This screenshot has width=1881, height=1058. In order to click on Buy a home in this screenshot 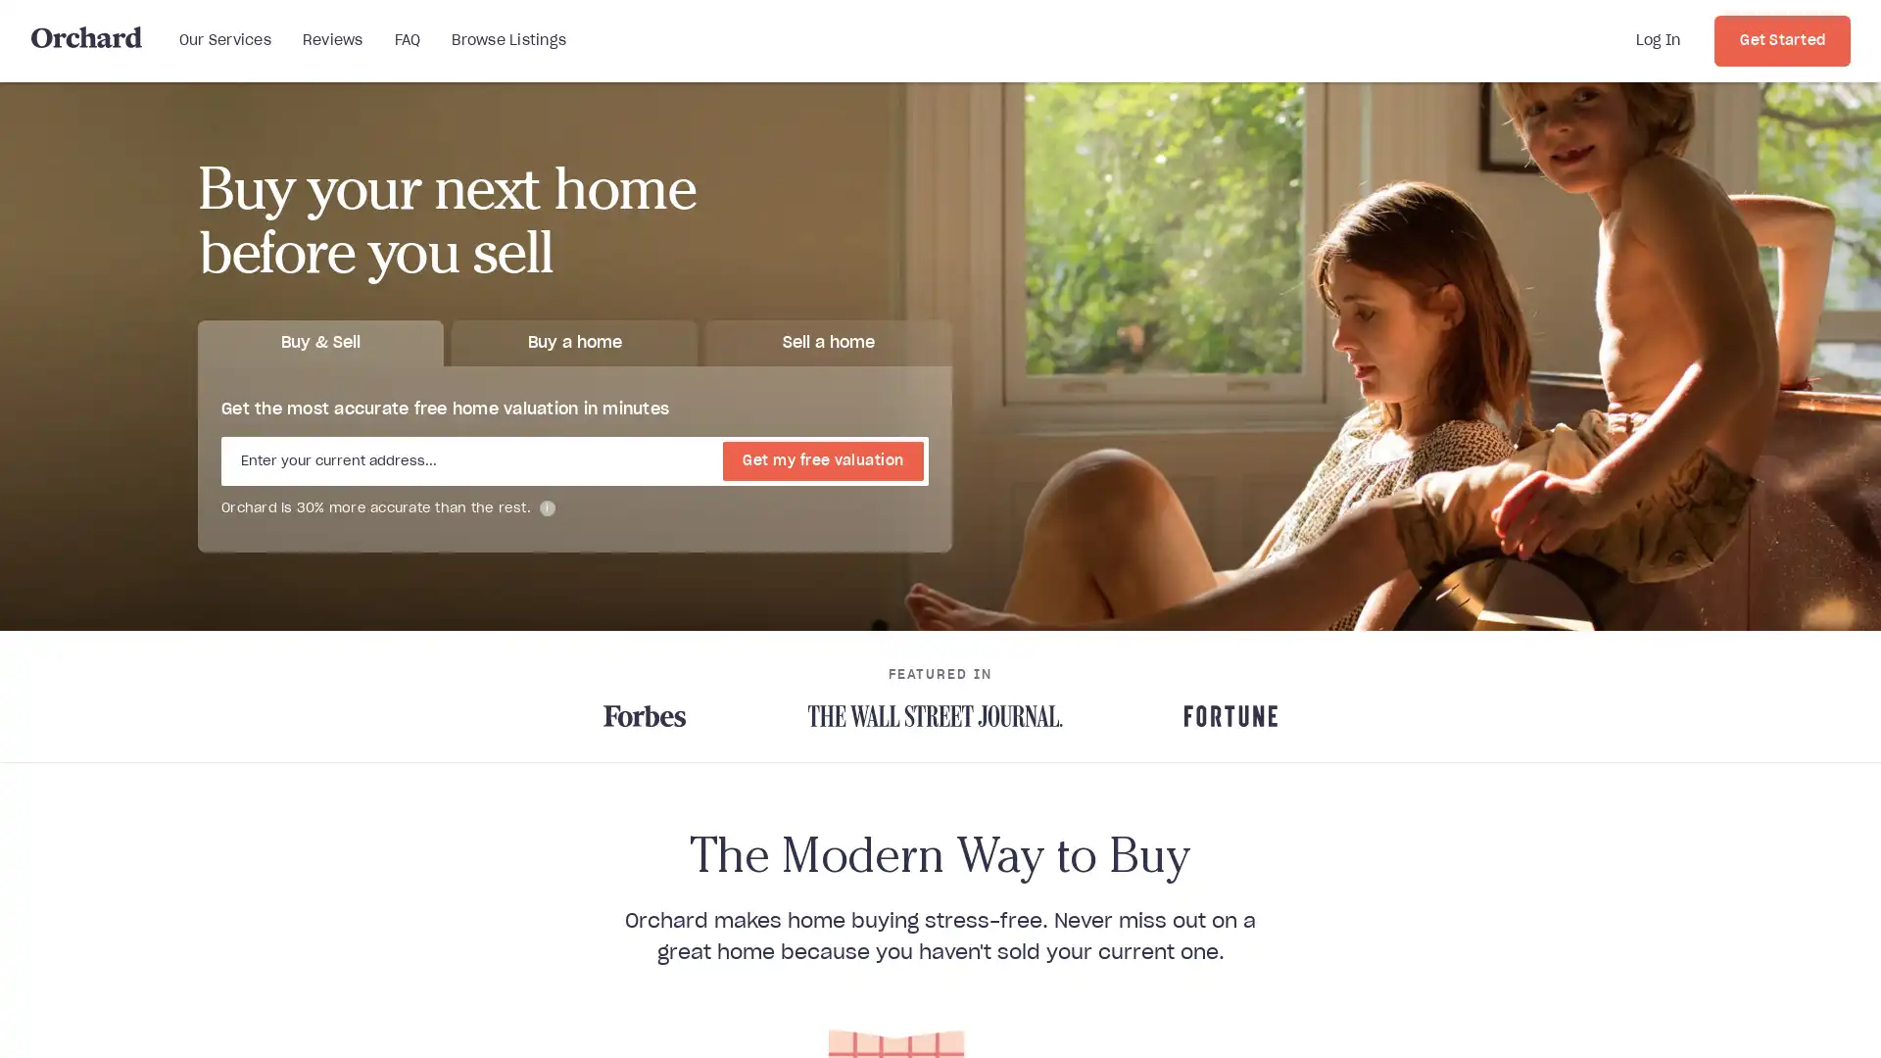, I will do `click(573, 341)`.